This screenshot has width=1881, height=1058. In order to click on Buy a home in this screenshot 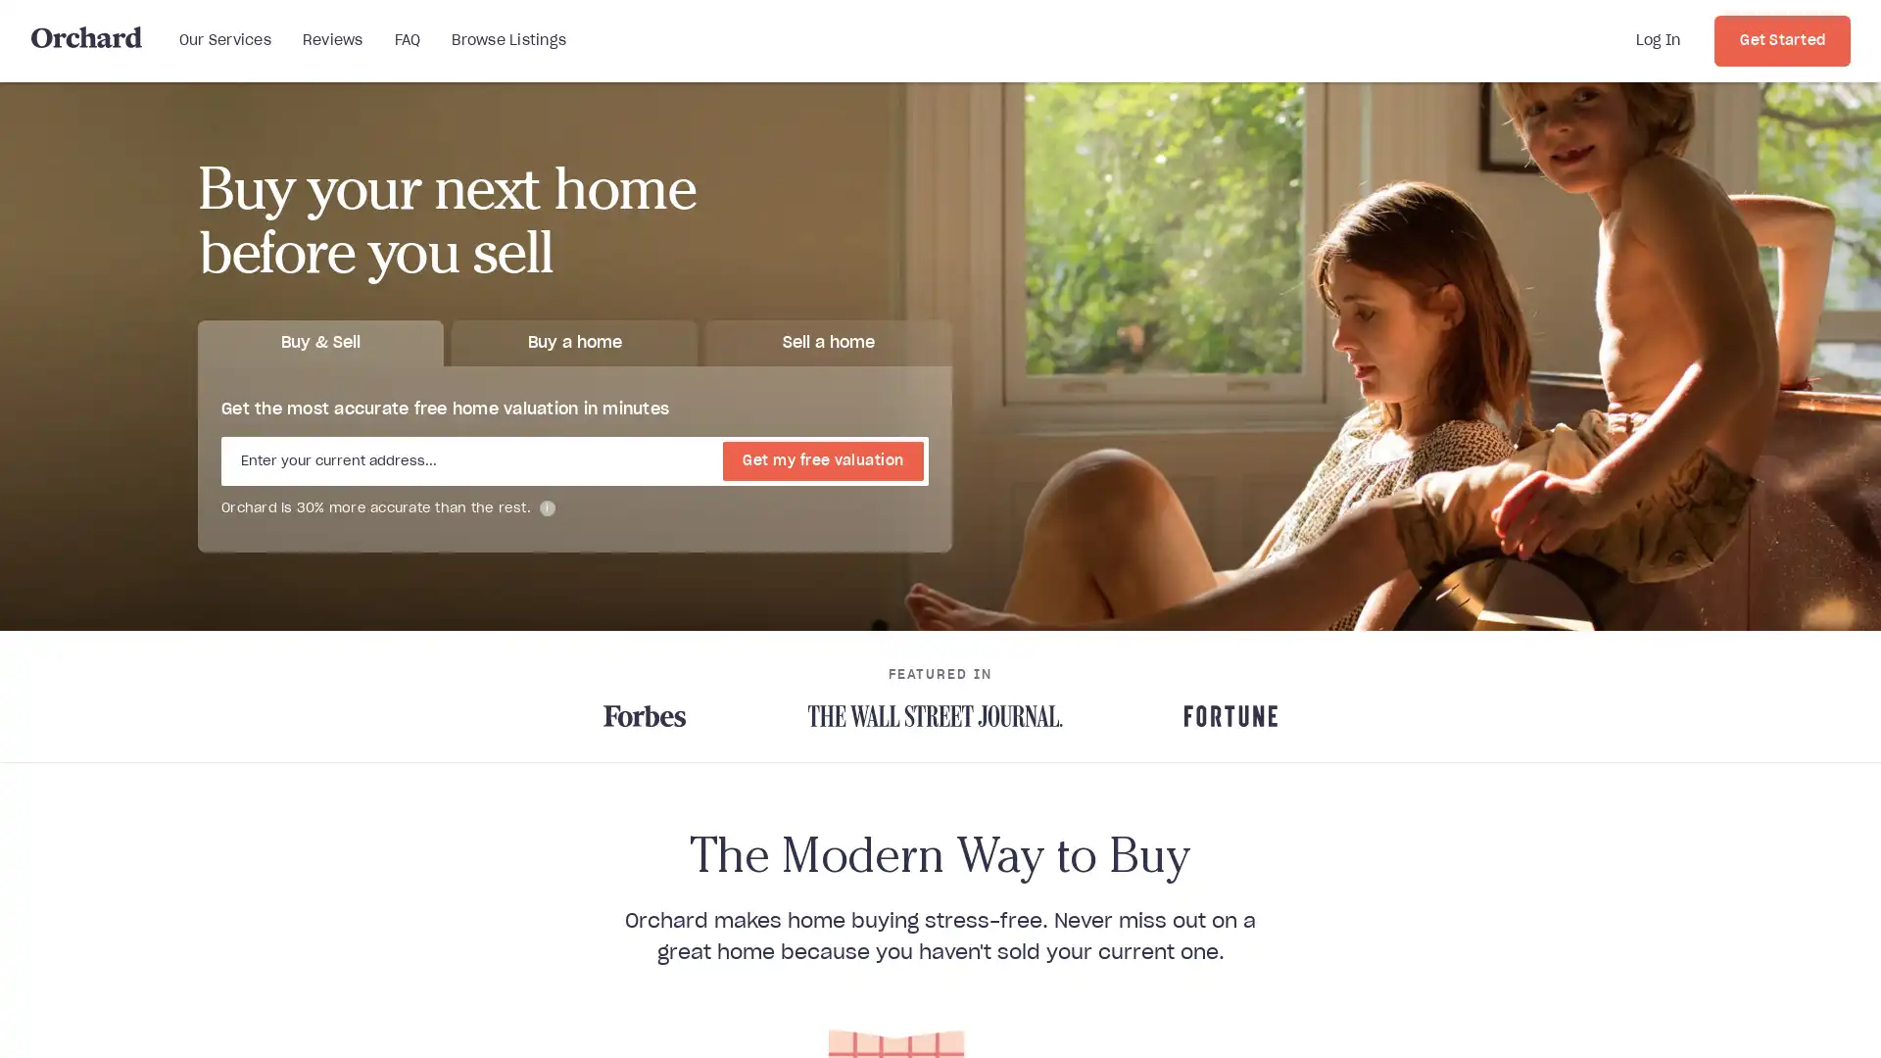, I will do `click(573, 341)`.